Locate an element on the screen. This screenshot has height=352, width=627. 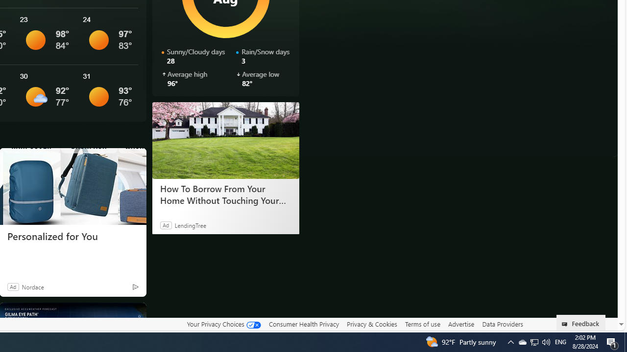
'Class: feedback_link_icon-DS-EntryPoint1-1' is located at coordinates (566, 324).